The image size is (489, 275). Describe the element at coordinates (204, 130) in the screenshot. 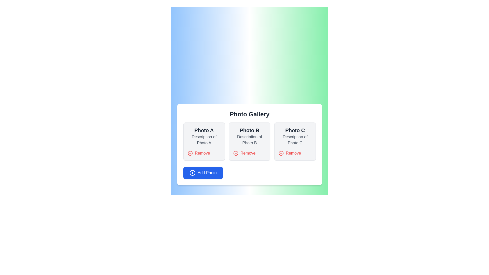

I see `the text label or heading of the first card in the Photo Gallery, which serves as the title for the card, positioned above the description and remove link` at that location.